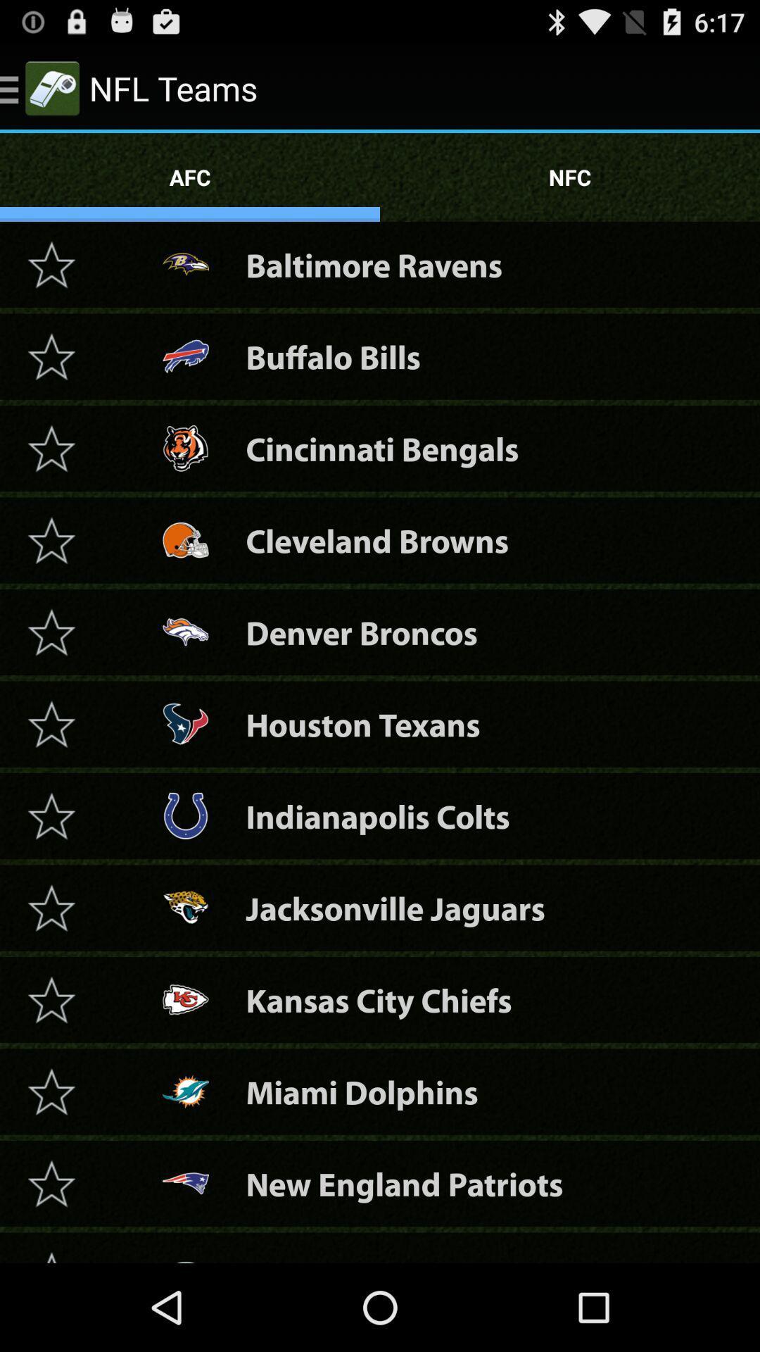 This screenshot has height=1352, width=760. I want to click on mark as favorite, so click(51, 999).